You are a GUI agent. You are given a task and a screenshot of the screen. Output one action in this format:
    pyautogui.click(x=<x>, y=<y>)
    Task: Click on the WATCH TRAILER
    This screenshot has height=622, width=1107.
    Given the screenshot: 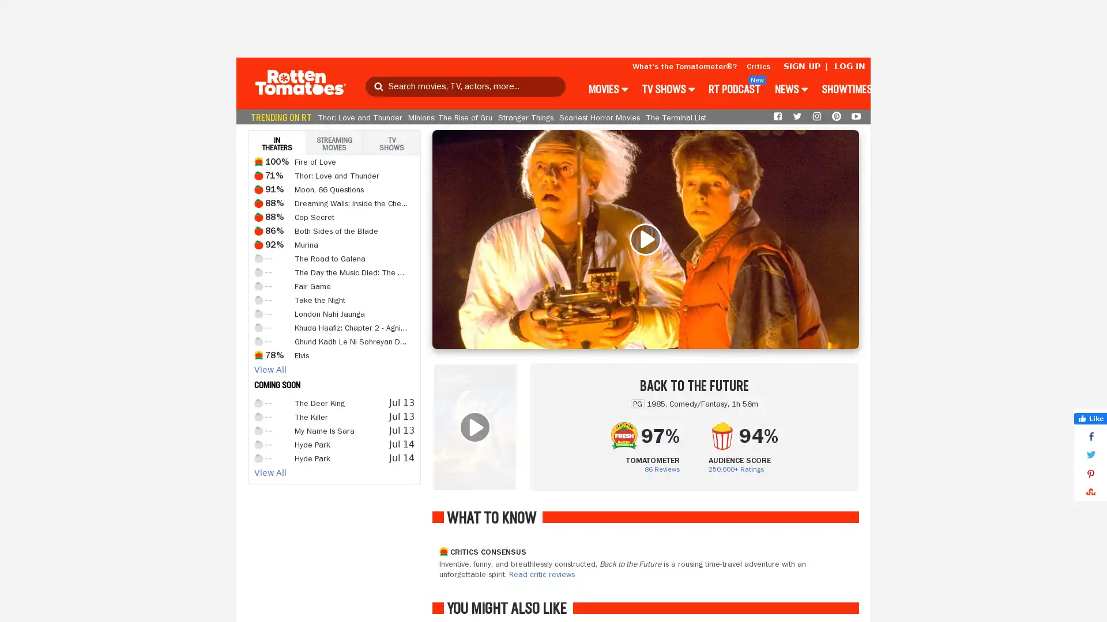 What is the action you would take?
    pyautogui.click(x=475, y=426)
    